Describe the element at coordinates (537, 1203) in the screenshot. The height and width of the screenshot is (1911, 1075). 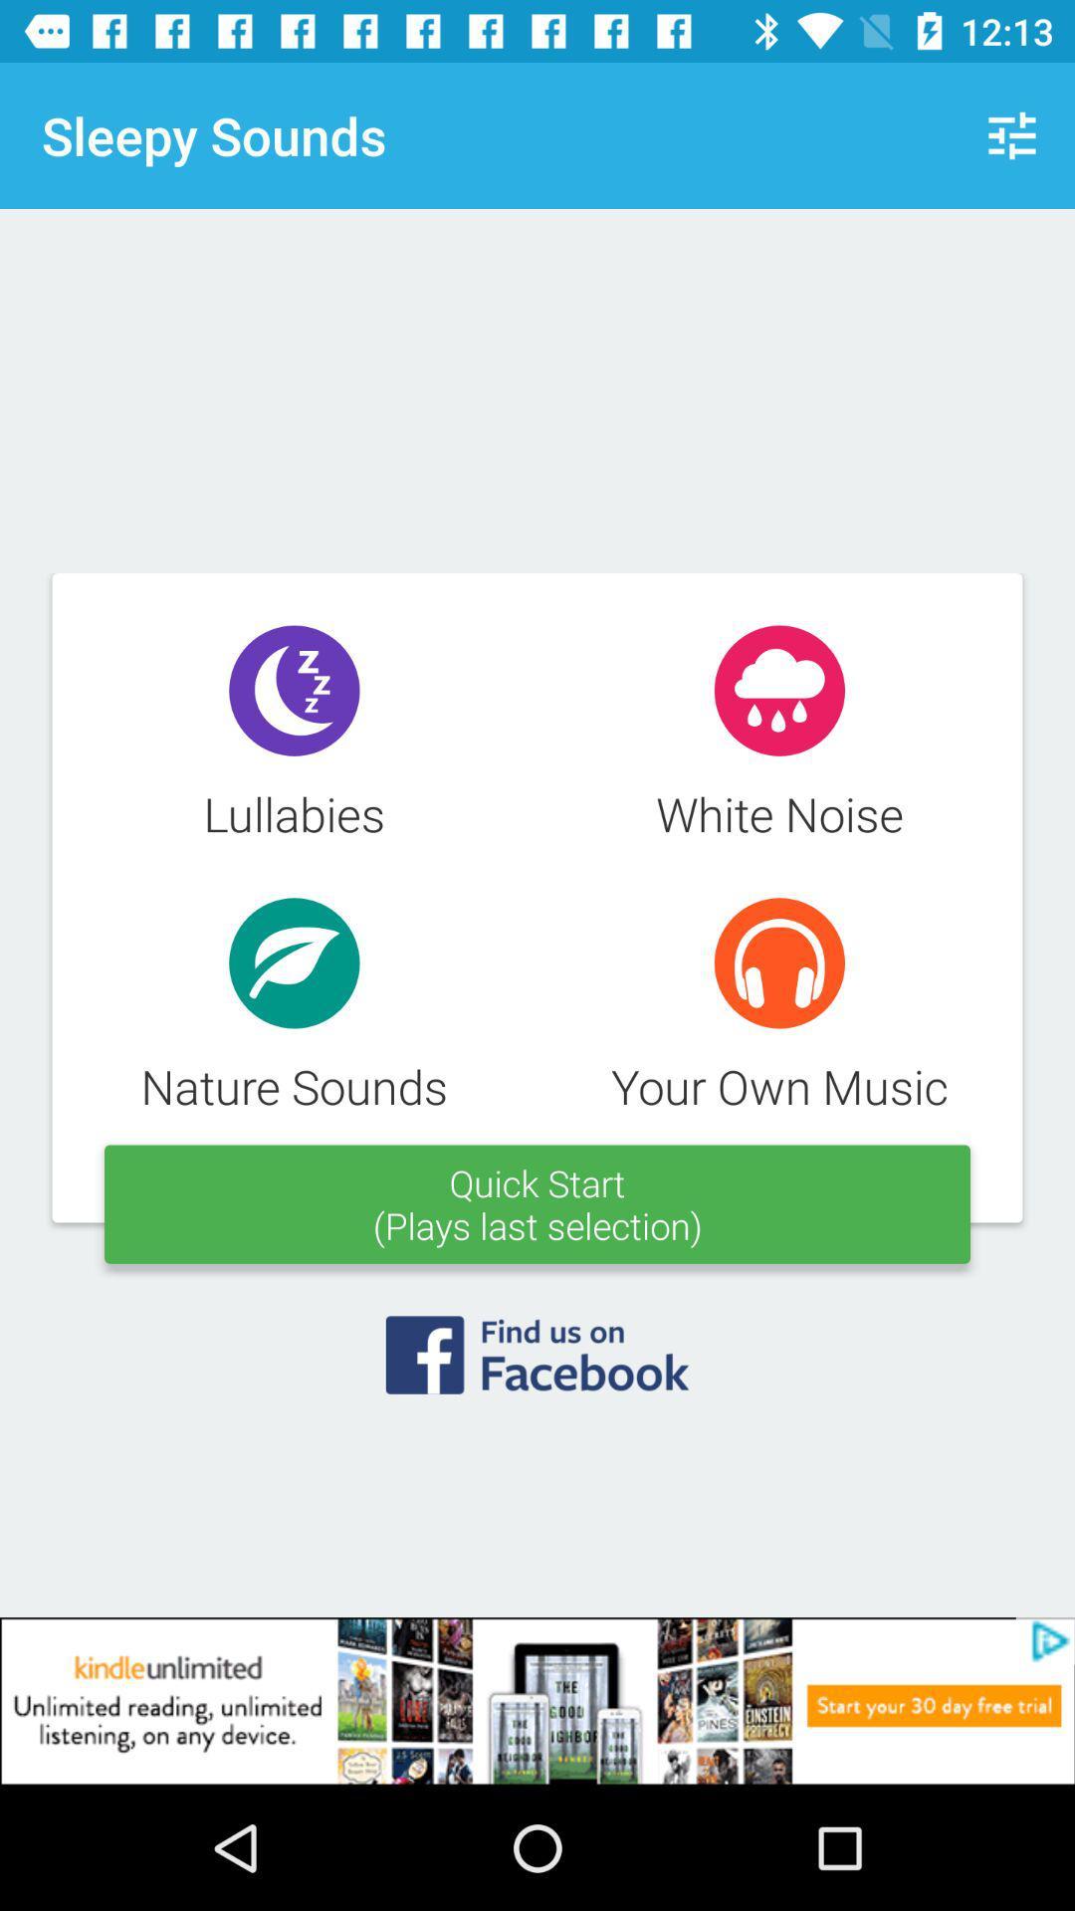
I see `the text which says quick start` at that location.